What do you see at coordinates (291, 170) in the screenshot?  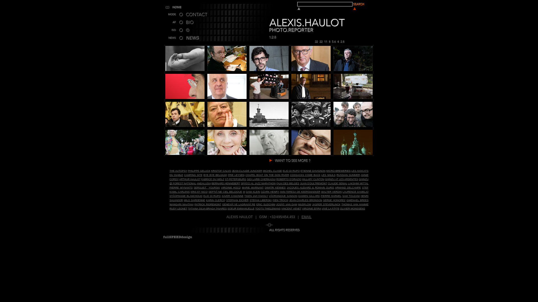 I see `'ELIO DI RUPO'` at bounding box center [291, 170].